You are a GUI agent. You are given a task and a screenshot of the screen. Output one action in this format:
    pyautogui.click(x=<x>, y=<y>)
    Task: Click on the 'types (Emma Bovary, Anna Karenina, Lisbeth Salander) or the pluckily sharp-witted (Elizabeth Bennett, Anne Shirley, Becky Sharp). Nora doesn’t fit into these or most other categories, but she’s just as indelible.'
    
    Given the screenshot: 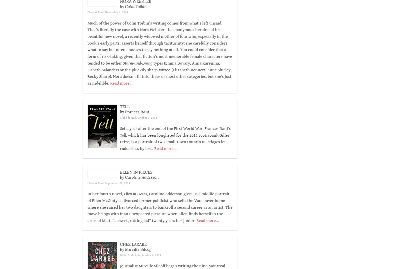 What is the action you would take?
    pyautogui.click(x=87, y=79)
    